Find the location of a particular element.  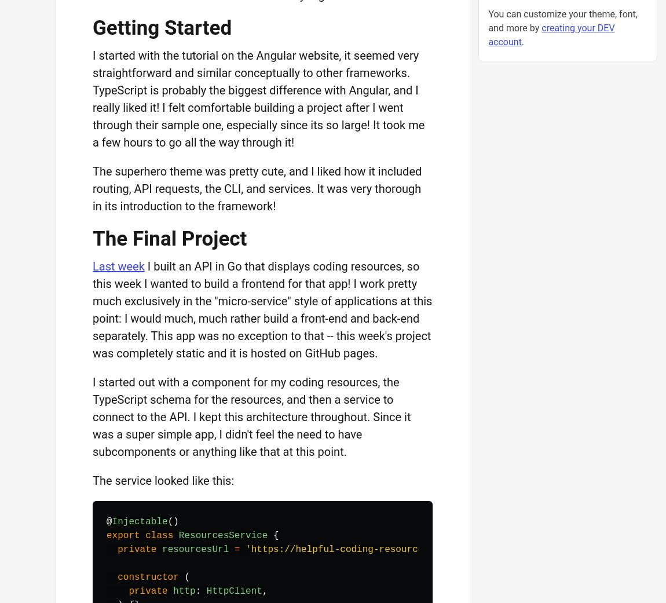

':' is located at coordinates (195, 590).